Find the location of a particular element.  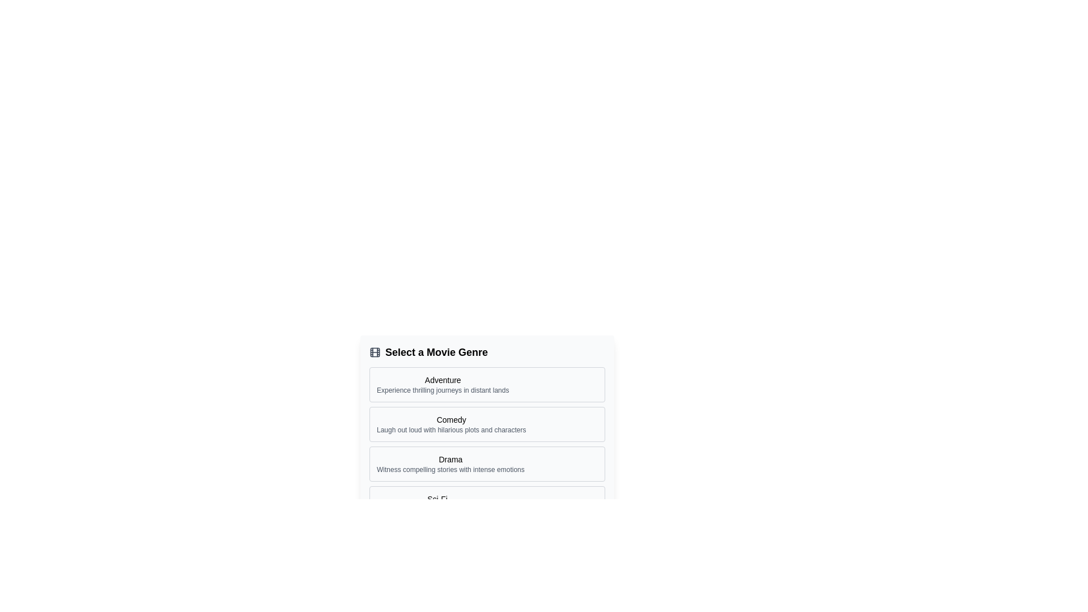

the 'Drama' option in the selectable list under the heading 'Select a Movie Genre' is located at coordinates (450, 464).